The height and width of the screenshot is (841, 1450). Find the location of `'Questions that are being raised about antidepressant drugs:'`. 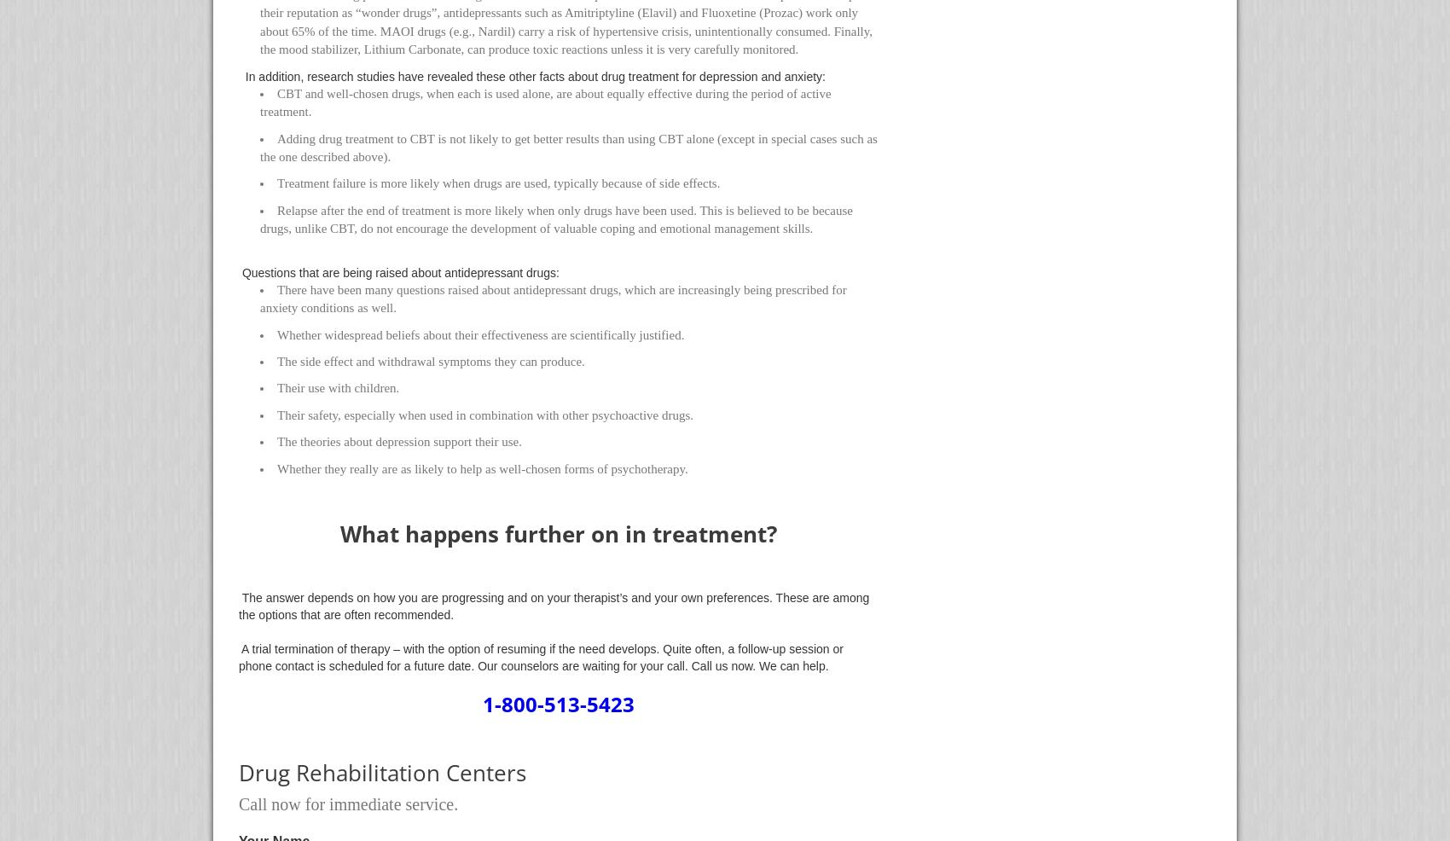

'Questions that are being raised about antidepressant drugs:' is located at coordinates (398, 271).